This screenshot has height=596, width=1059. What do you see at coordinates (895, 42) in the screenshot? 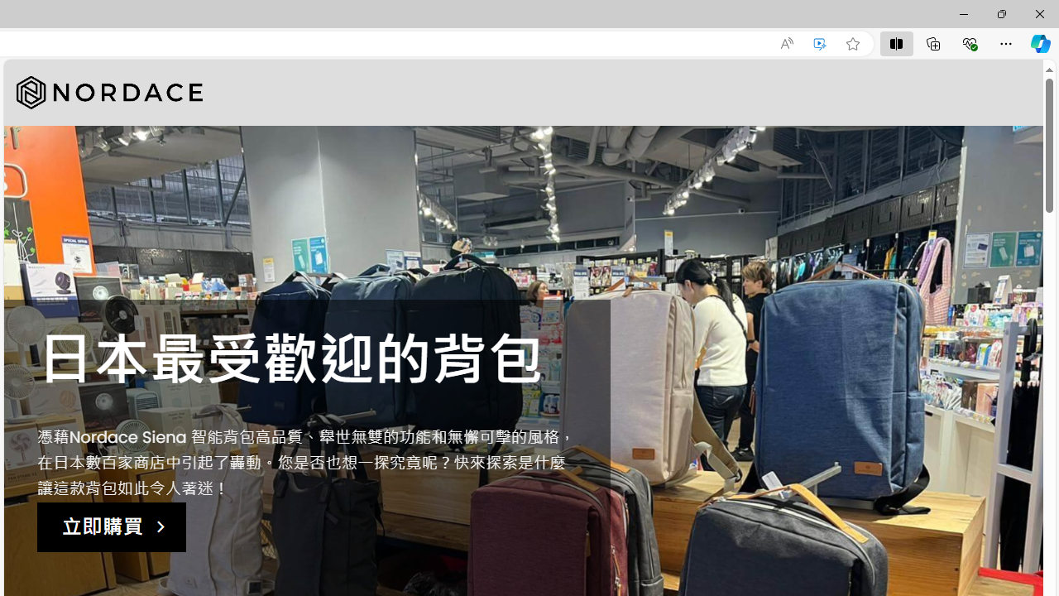
I see `'Split screen'` at bounding box center [895, 42].